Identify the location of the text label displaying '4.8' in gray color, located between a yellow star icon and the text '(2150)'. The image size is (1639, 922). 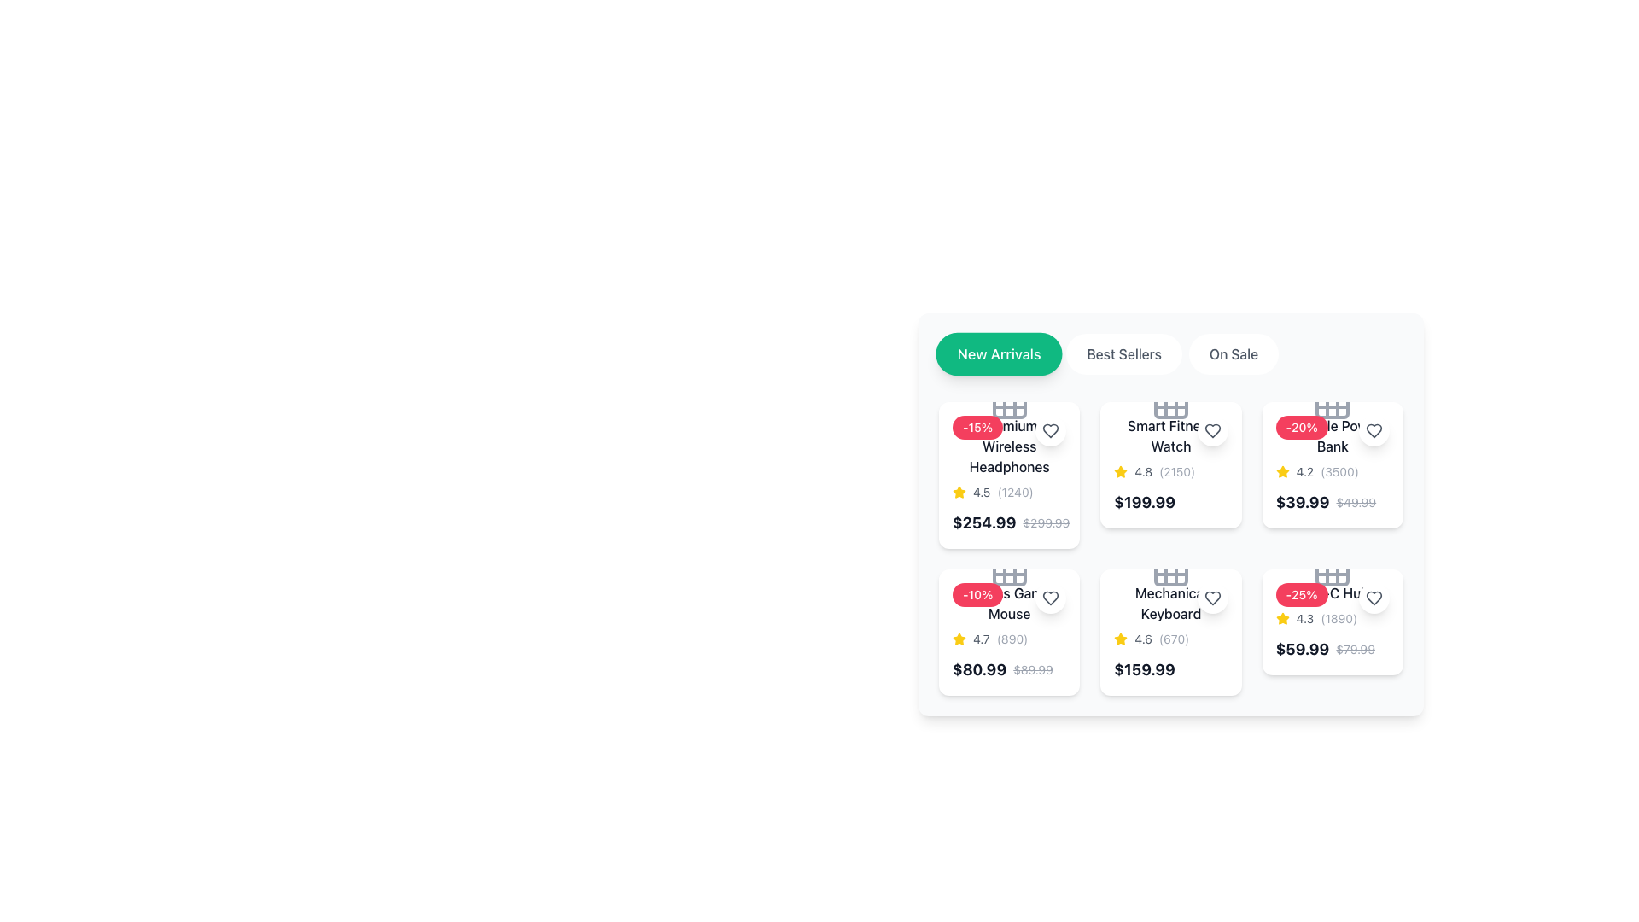
(1143, 471).